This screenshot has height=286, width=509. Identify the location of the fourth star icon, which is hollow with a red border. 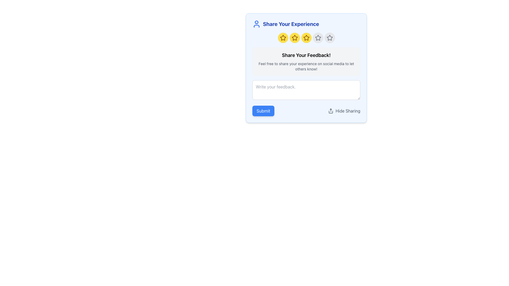
(318, 37).